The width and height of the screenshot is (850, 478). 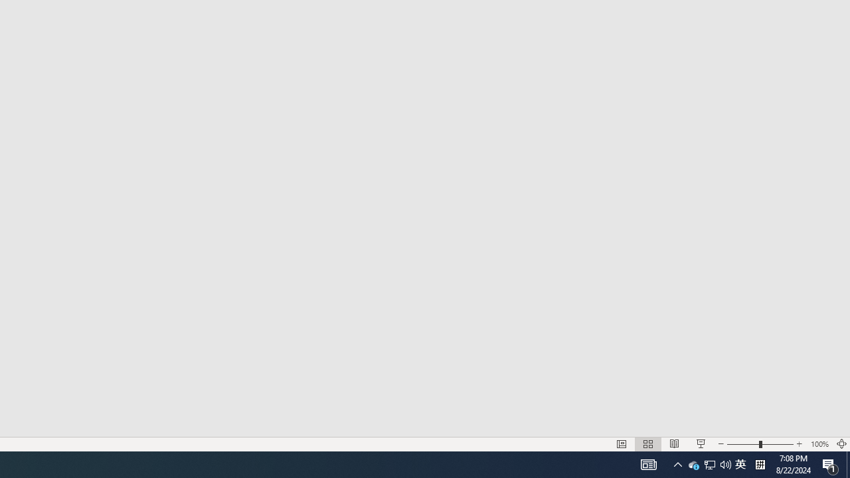 What do you see at coordinates (819, 444) in the screenshot?
I see `'Zoom 100%'` at bounding box center [819, 444].